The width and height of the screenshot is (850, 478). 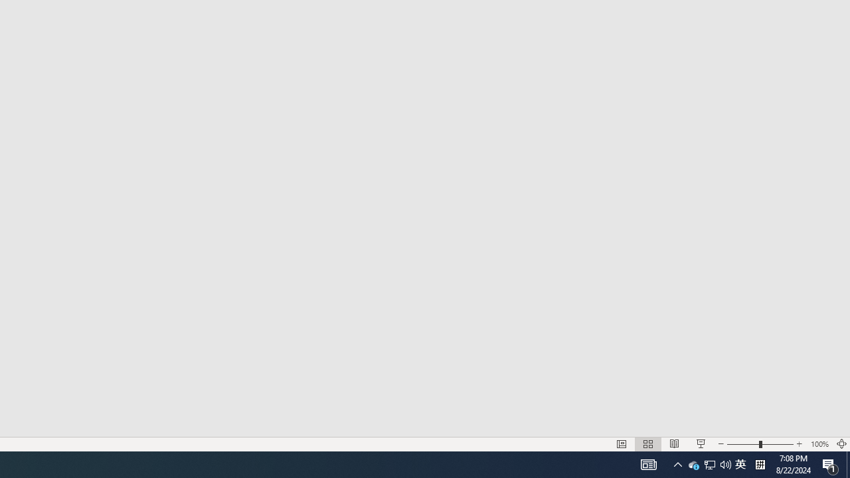 What do you see at coordinates (819, 444) in the screenshot?
I see `'Zoom 100%'` at bounding box center [819, 444].